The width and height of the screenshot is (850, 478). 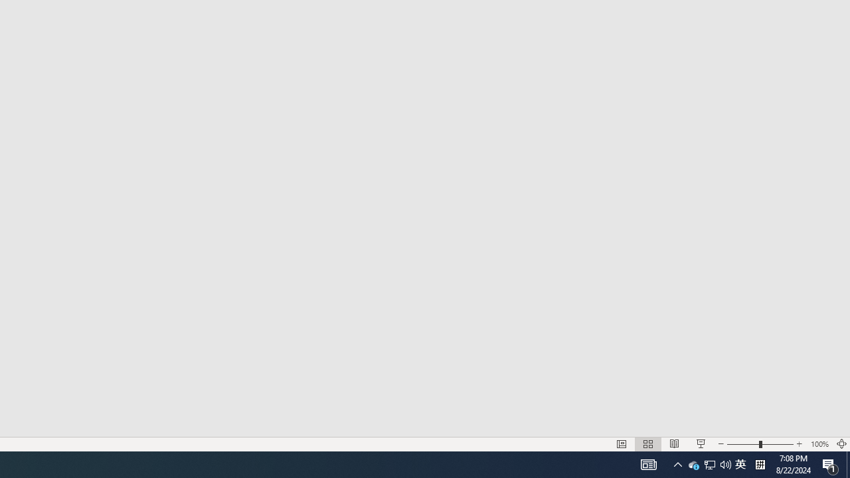 What do you see at coordinates (819, 444) in the screenshot?
I see `'Zoom 100%'` at bounding box center [819, 444].